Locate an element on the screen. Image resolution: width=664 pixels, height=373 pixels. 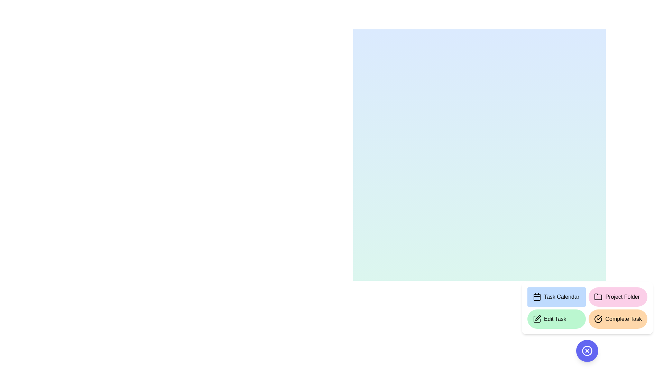
the 'Complete Task' button, which is a rounded rectangular button with an orange background and a checkmark icon, located in the bottom-right region of the interface is located at coordinates (618, 319).